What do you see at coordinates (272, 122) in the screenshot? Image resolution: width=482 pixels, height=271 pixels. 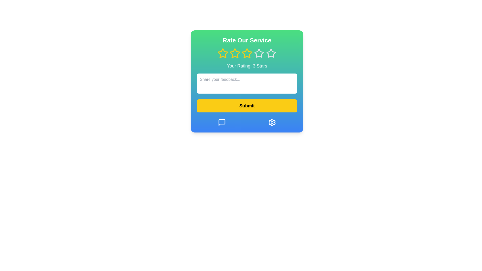 I see `the settings gear icon located at the bottom-right corner of the card layout` at bounding box center [272, 122].